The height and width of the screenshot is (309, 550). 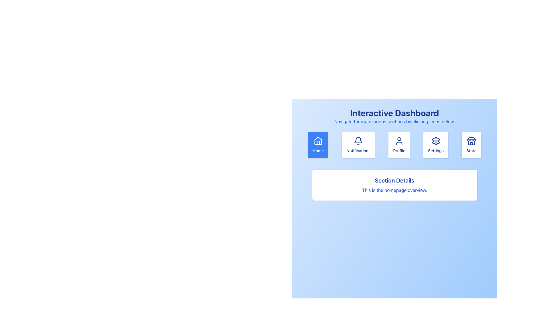 I want to click on the descriptive label located beneath the 'Section Details' header in the central panel of the interface, so click(x=394, y=190).